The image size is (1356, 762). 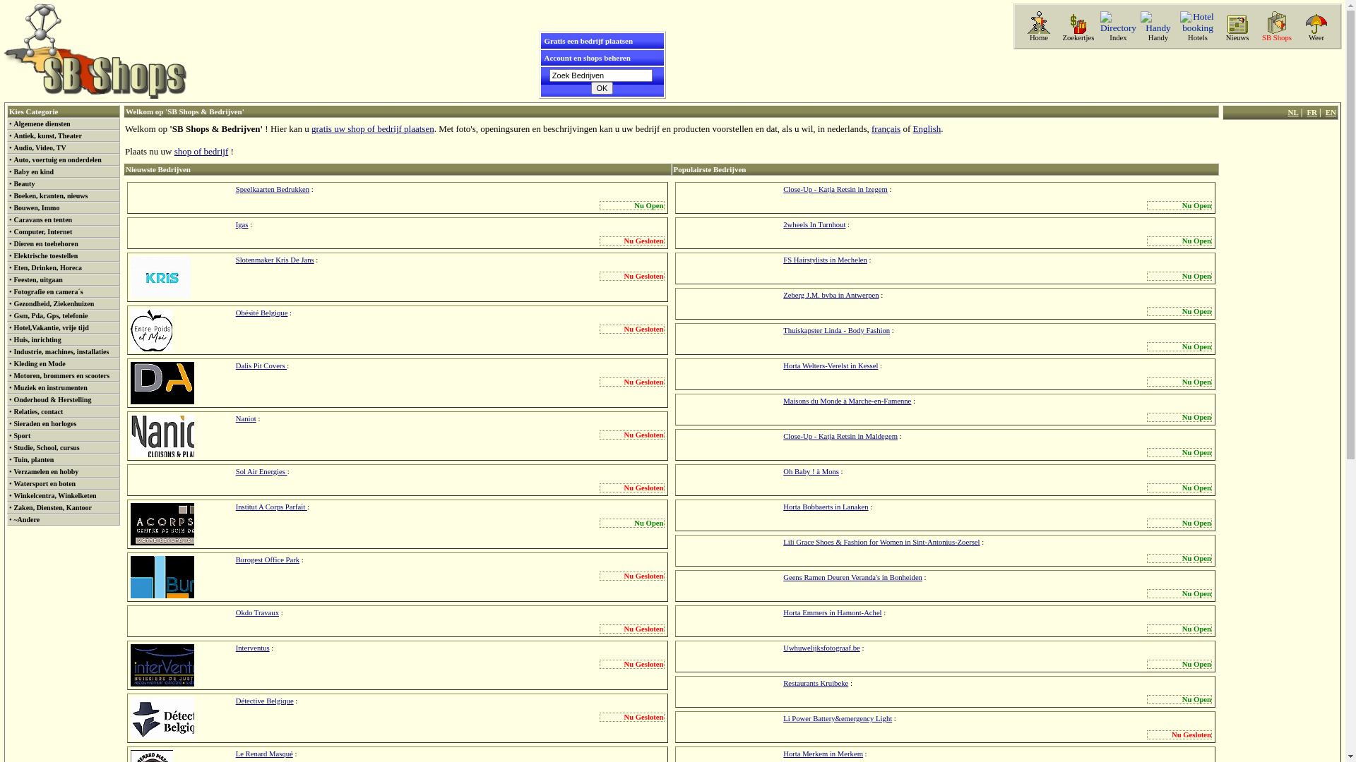 What do you see at coordinates (45, 243) in the screenshot?
I see `'Dieren en toebehoren'` at bounding box center [45, 243].